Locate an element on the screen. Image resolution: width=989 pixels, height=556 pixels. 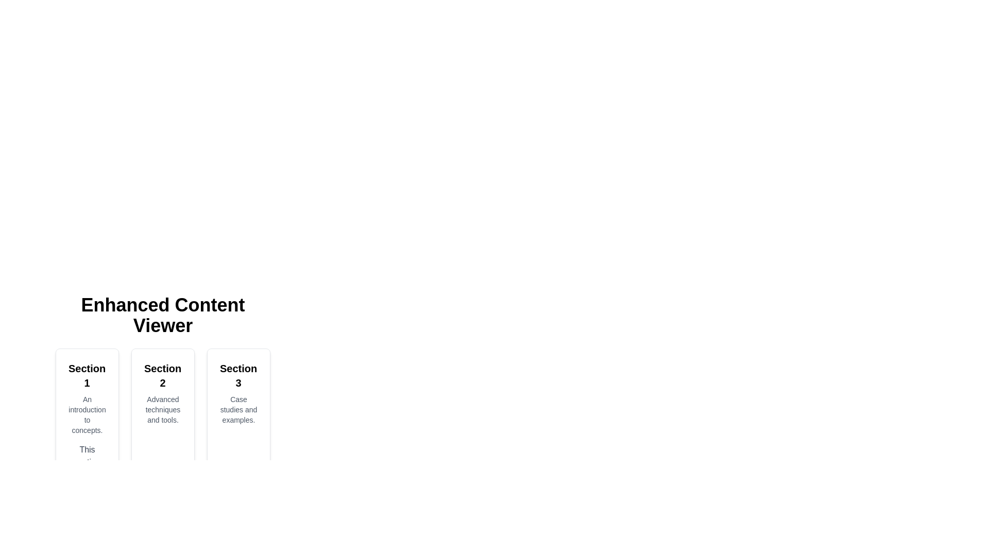
the static text element containing the text 'Advanced techniques and tools.' located within the card labeled 'Section 2' is located at coordinates (162, 409).